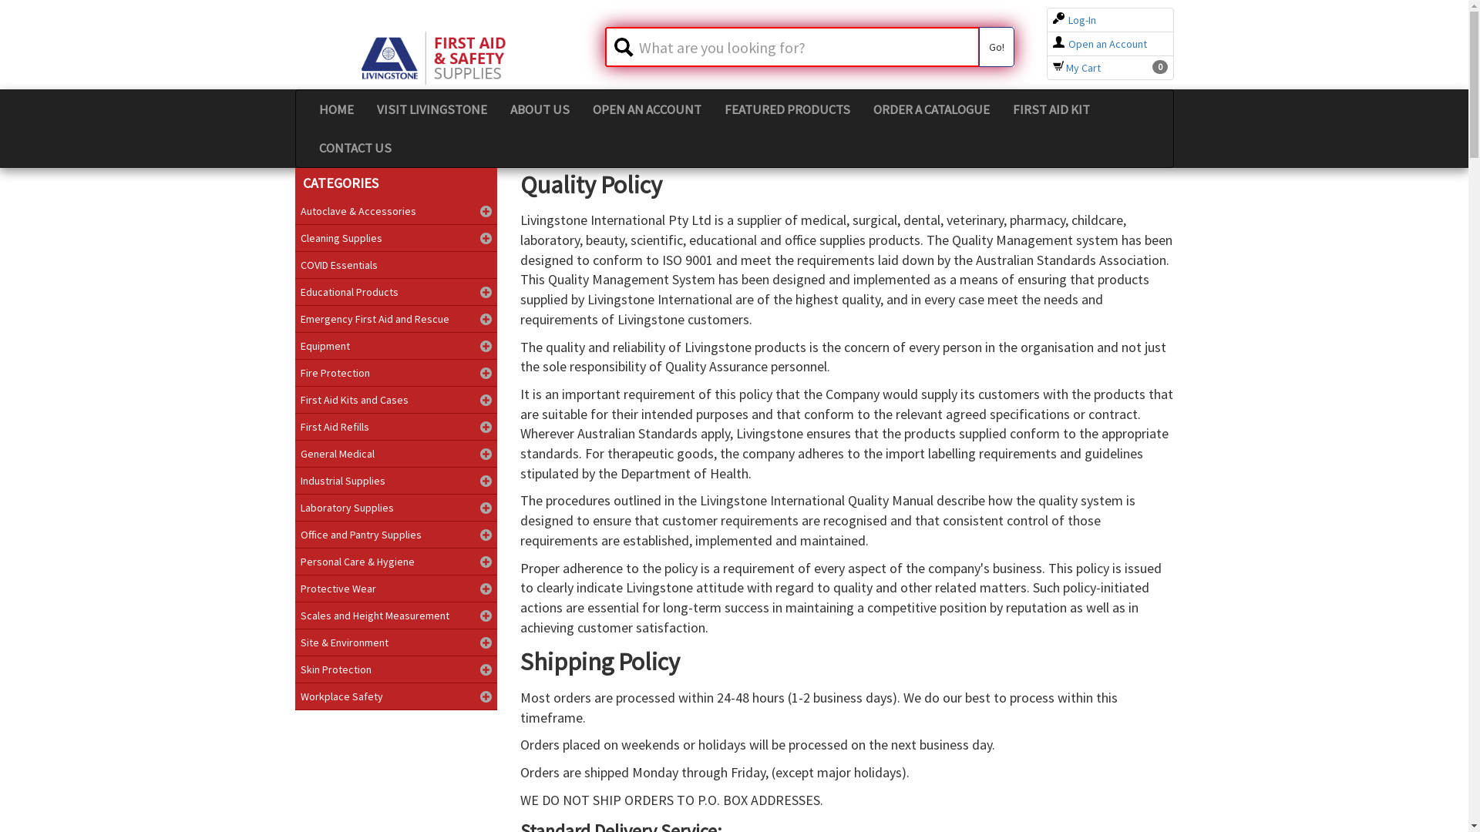 The image size is (1480, 832). Describe the element at coordinates (539, 109) in the screenshot. I see `'ABOUT US'` at that location.